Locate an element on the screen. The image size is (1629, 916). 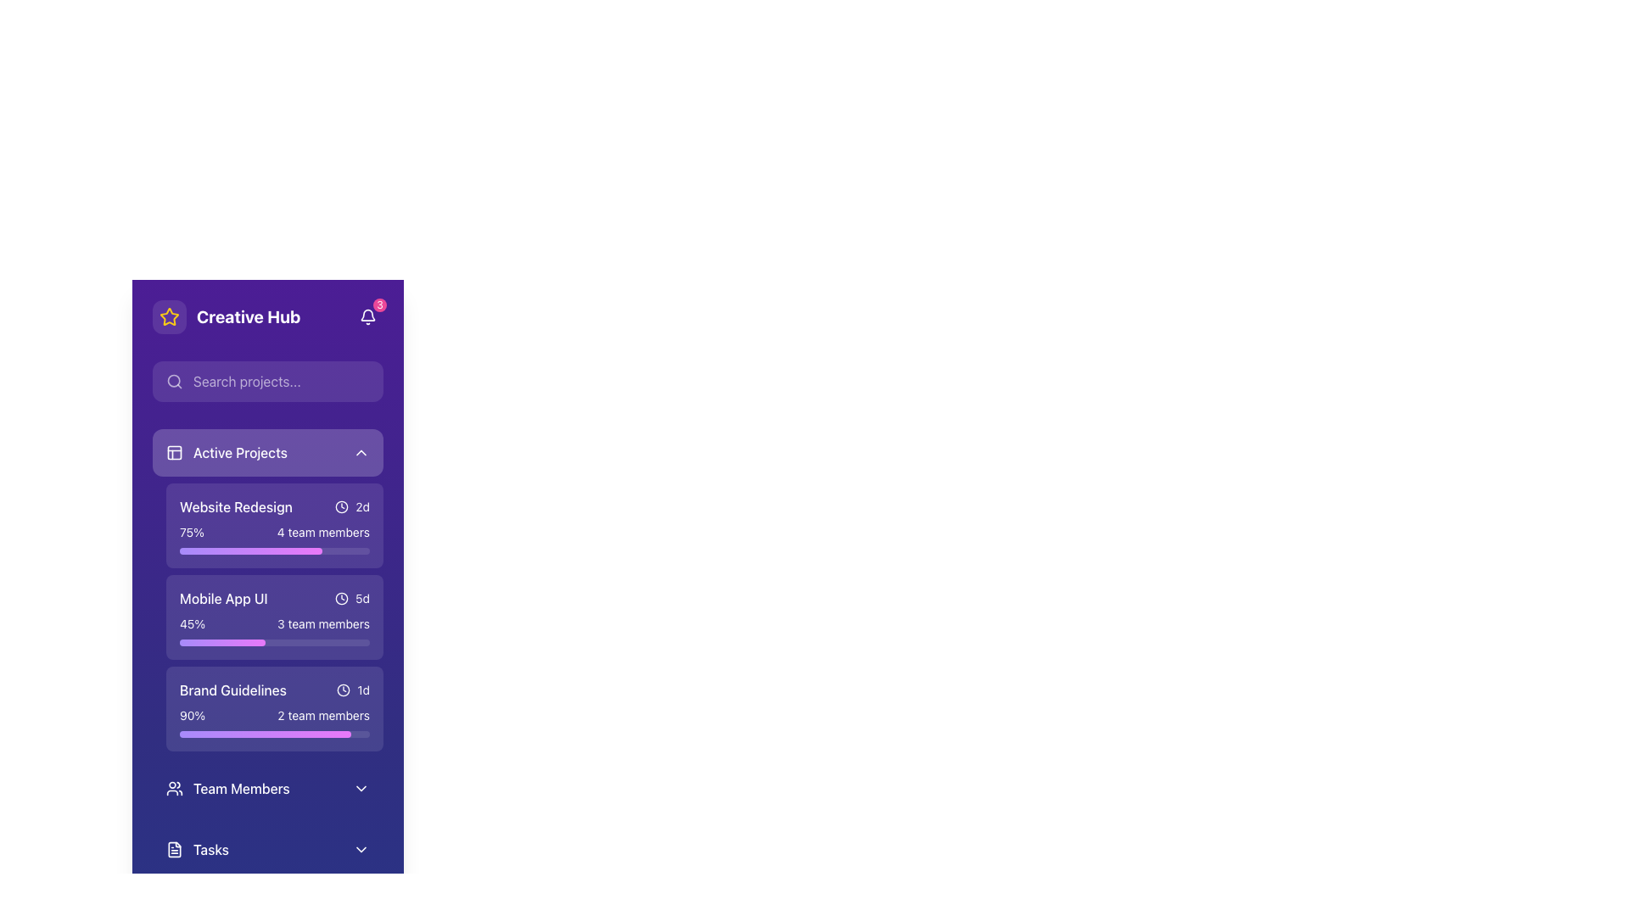
the toggleable header for the collapsible section that displays the list of active projects is located at coordinates (267, 451).